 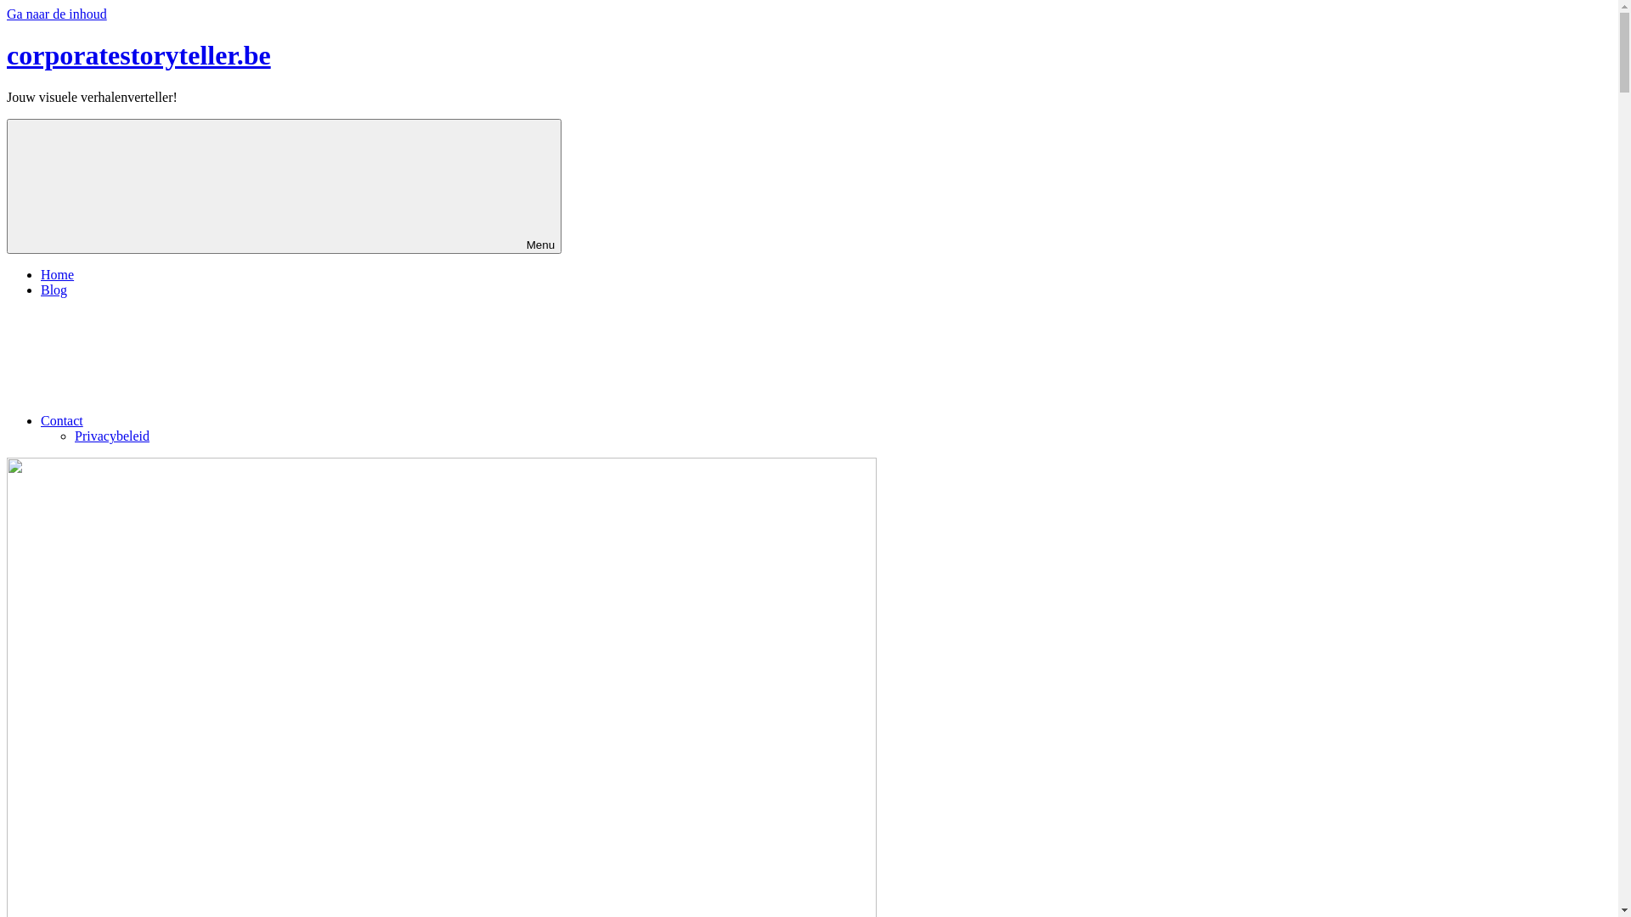 I want to click on 'Contact', so click(x=189, y=420).